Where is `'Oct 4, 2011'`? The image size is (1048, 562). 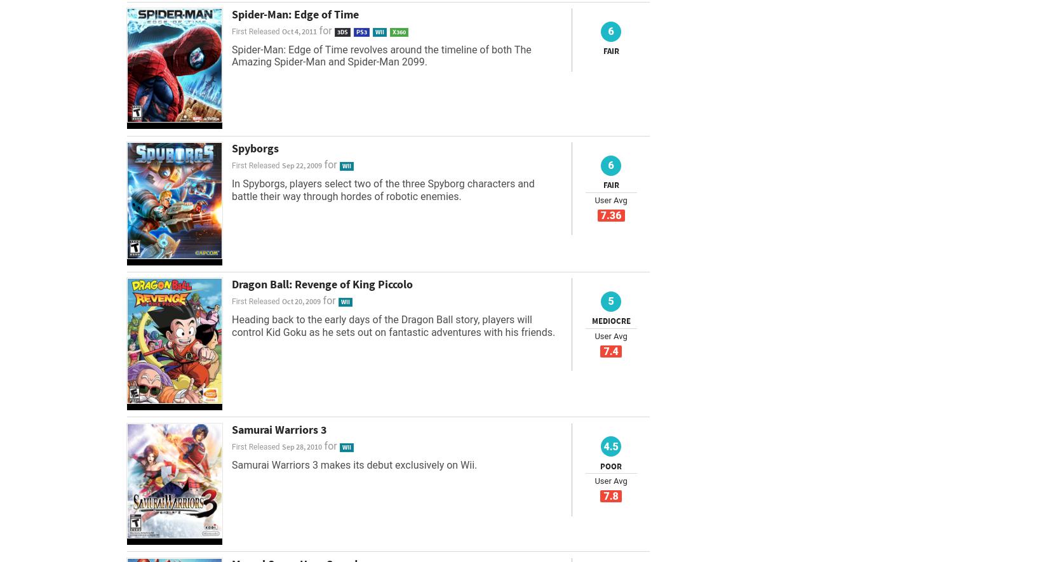
'Oct 4, 2011' is located at coordinates (298, 30).